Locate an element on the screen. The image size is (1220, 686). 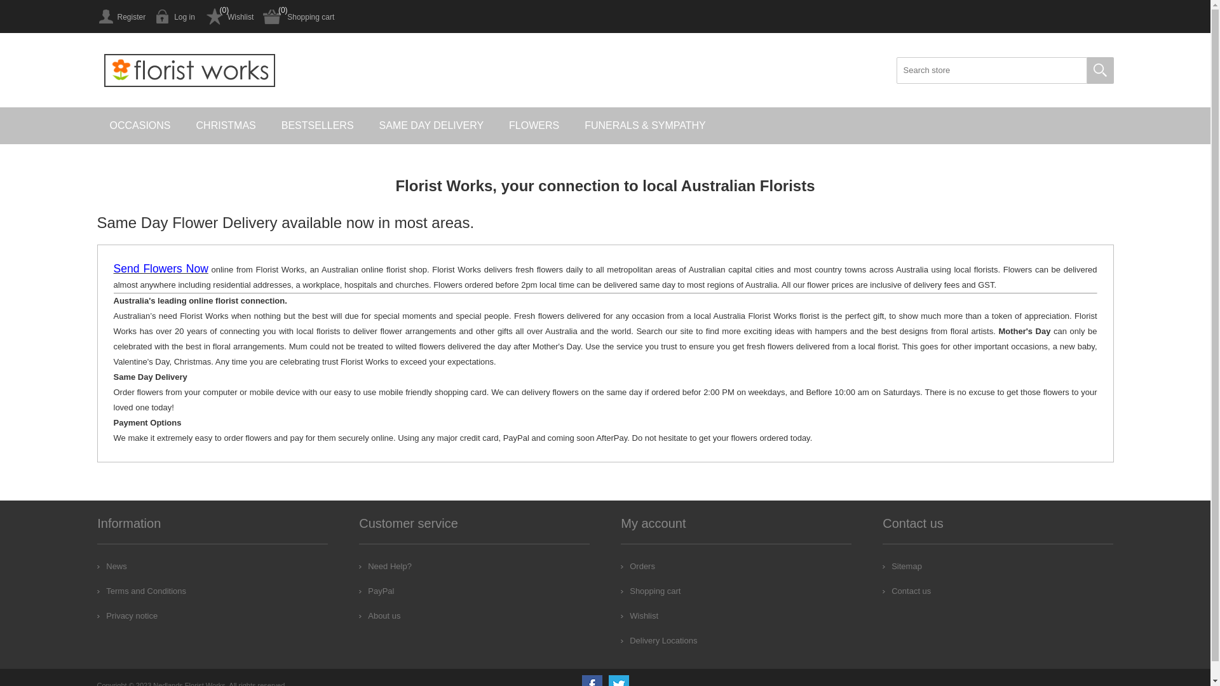
'Log in' is located at coordinates (174, 17).